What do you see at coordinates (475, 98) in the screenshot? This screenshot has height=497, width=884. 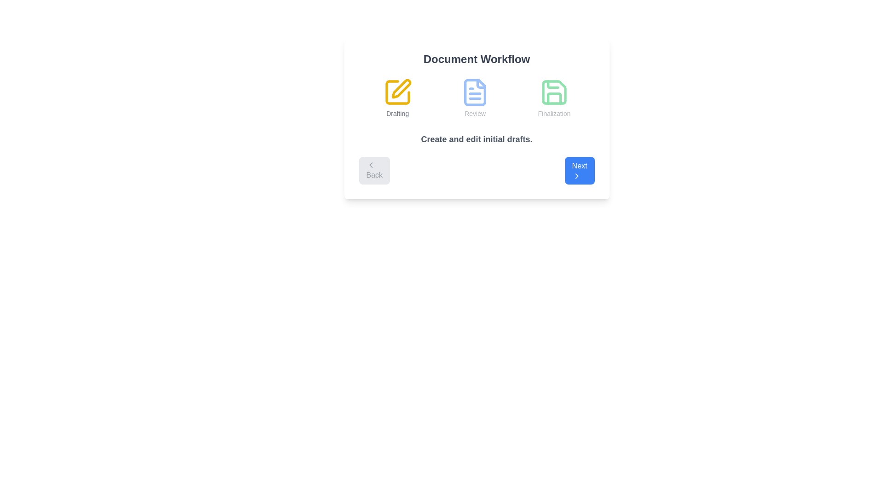 I see `the 'Review' stage icon in the document workflow interface, which is the second item in a group of three icons, positioned between a yellow drafting icon and a green finalization icon` at bounding box center [475, 98].